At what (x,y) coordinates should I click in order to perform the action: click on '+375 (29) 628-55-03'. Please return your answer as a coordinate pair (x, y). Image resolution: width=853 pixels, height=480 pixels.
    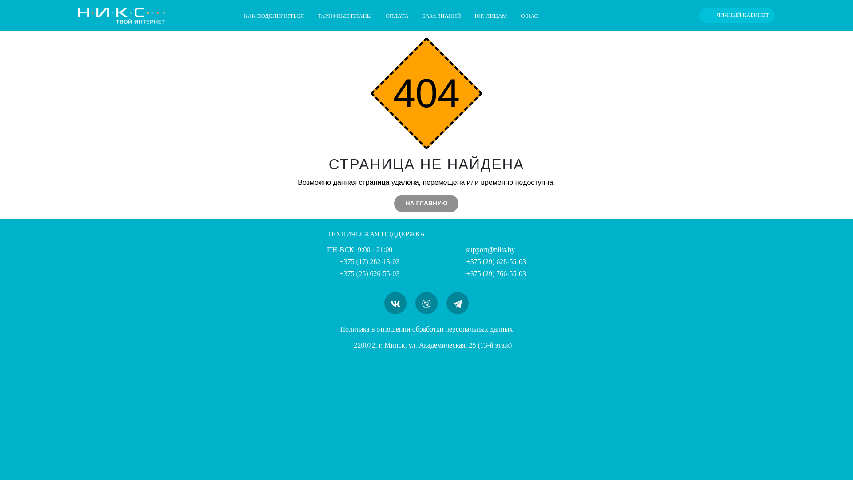
    Looking at the image, I should click on (489, 261).